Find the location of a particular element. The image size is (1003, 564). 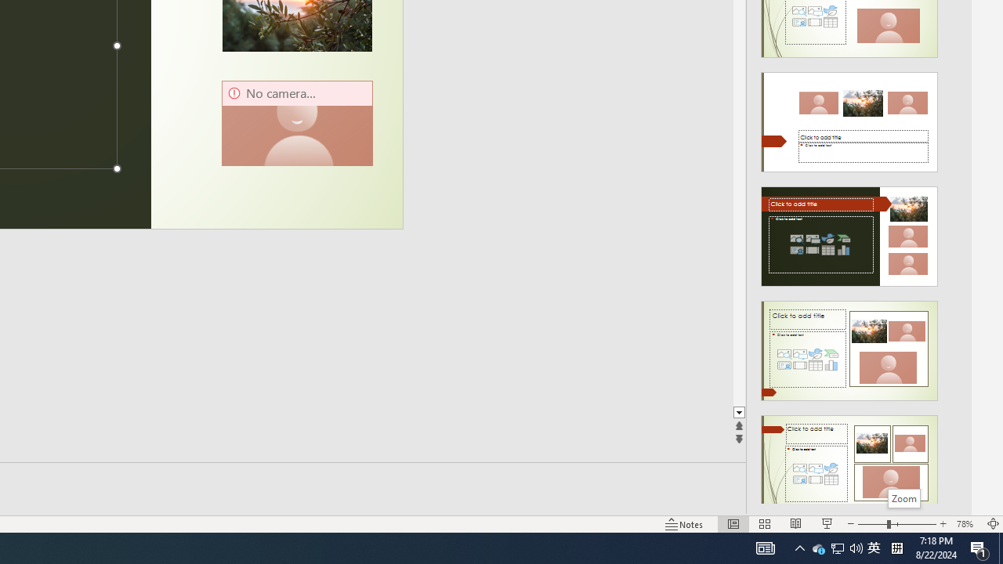

'Camera 13, No camera detected.' is located at coordinates (297, 123).